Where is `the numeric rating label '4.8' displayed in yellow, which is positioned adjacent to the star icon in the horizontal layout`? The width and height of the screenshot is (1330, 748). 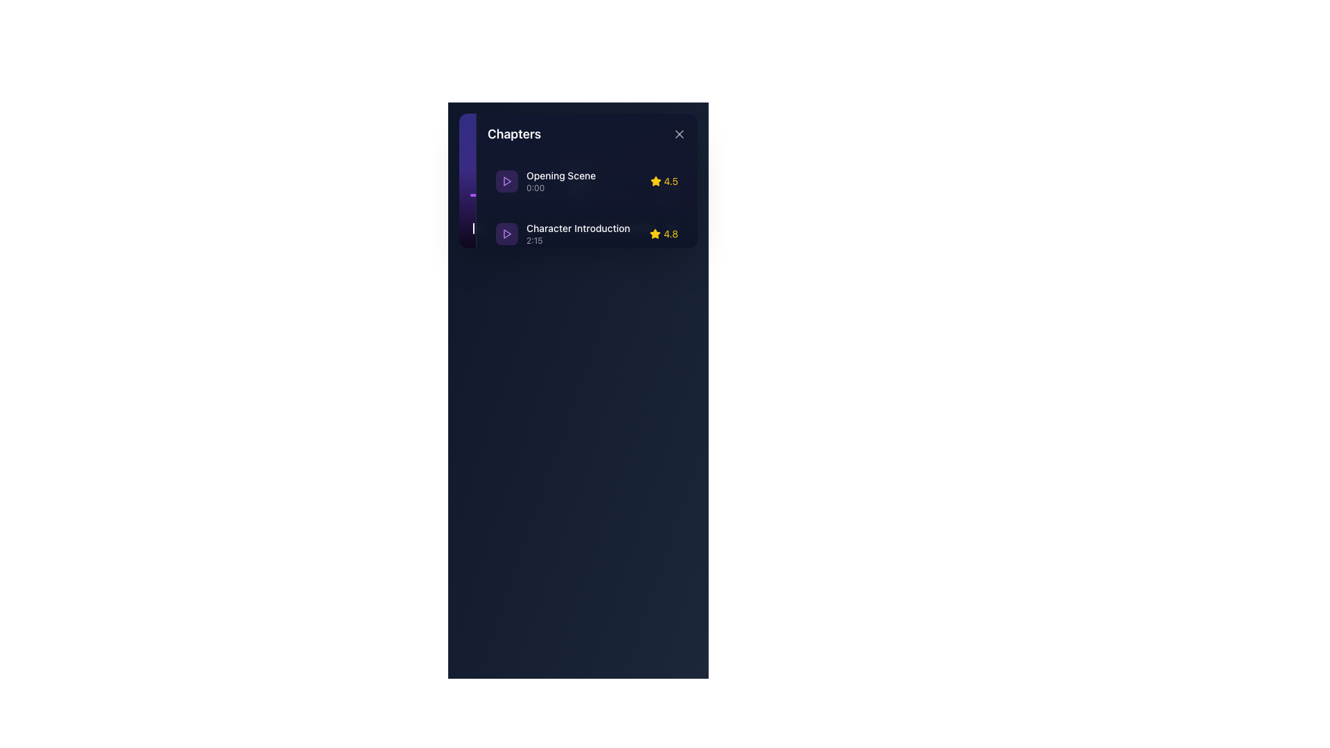 the numeric rating label '4.8' displayed in yellow, which is positioned adjacent to the star icon in the horizontal layout is located at coordinates (671, 233).